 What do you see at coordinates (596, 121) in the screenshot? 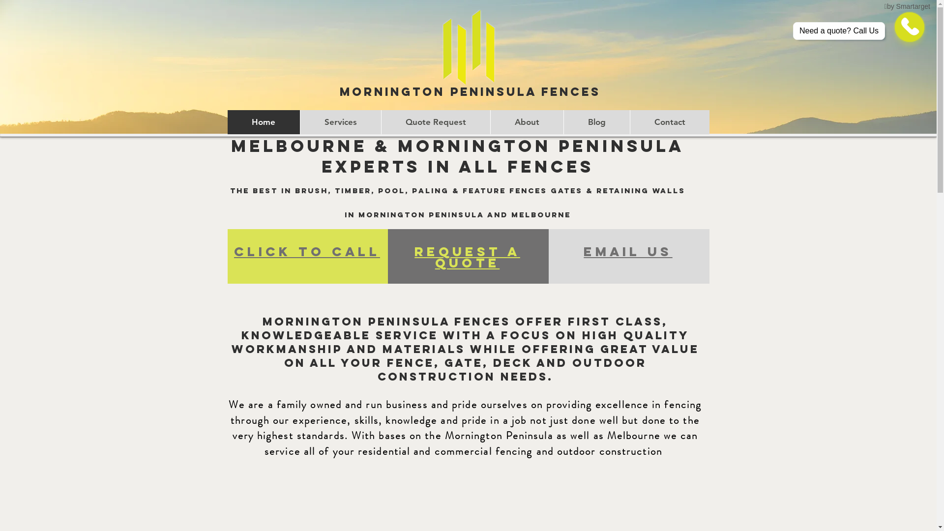
I see `'Blog'` at bounding box center [596, 121].